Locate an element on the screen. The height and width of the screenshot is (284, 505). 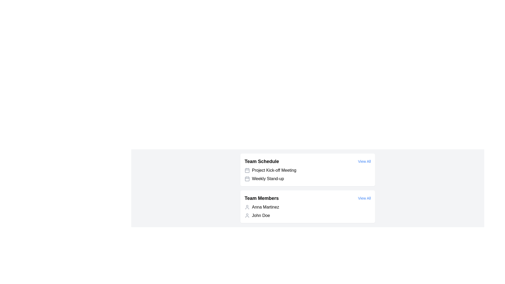
the SVG Rectangle that forms the main body of the calendar icon in the 'Team Schedule' section, located to the left of the 'Project Kick-off Meeting' text is located at coordinates (247, 178).